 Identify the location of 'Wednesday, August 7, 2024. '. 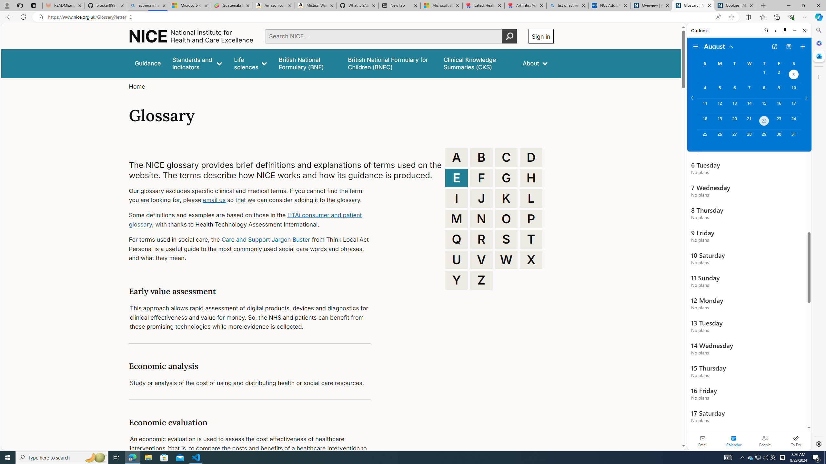
(749, 90).